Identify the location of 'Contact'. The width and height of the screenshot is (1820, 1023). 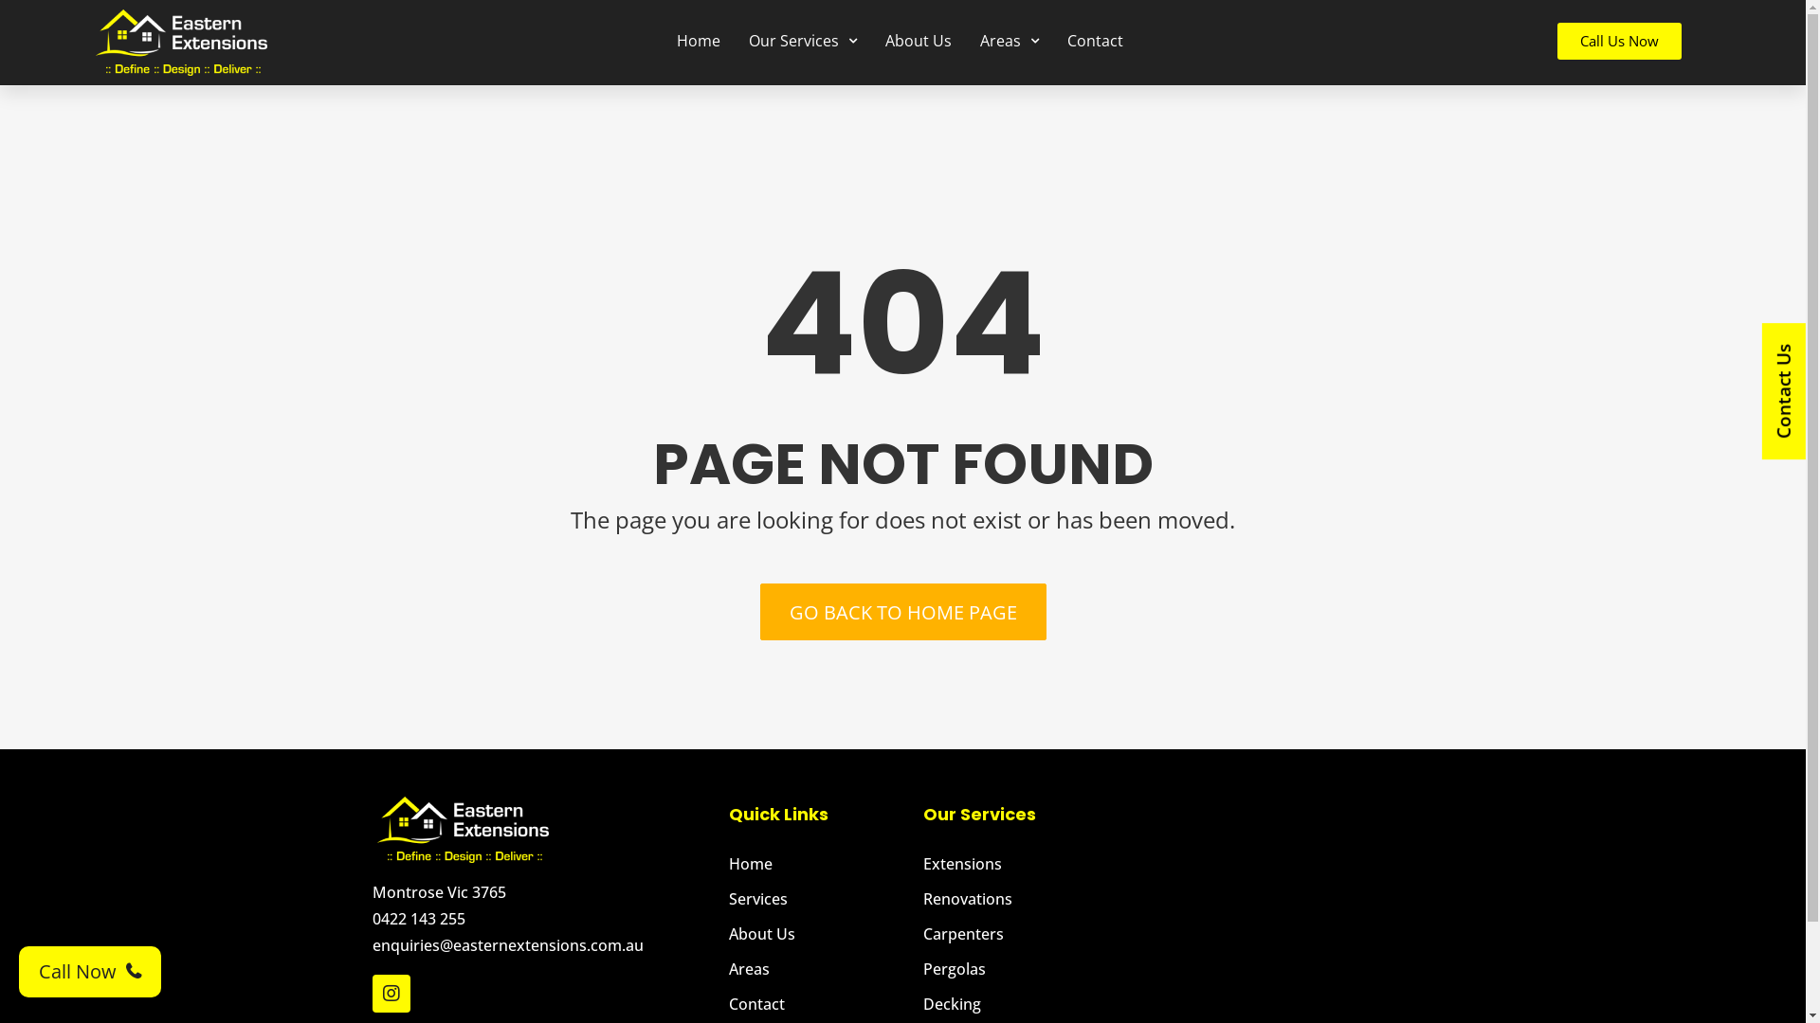
(727, 1003).